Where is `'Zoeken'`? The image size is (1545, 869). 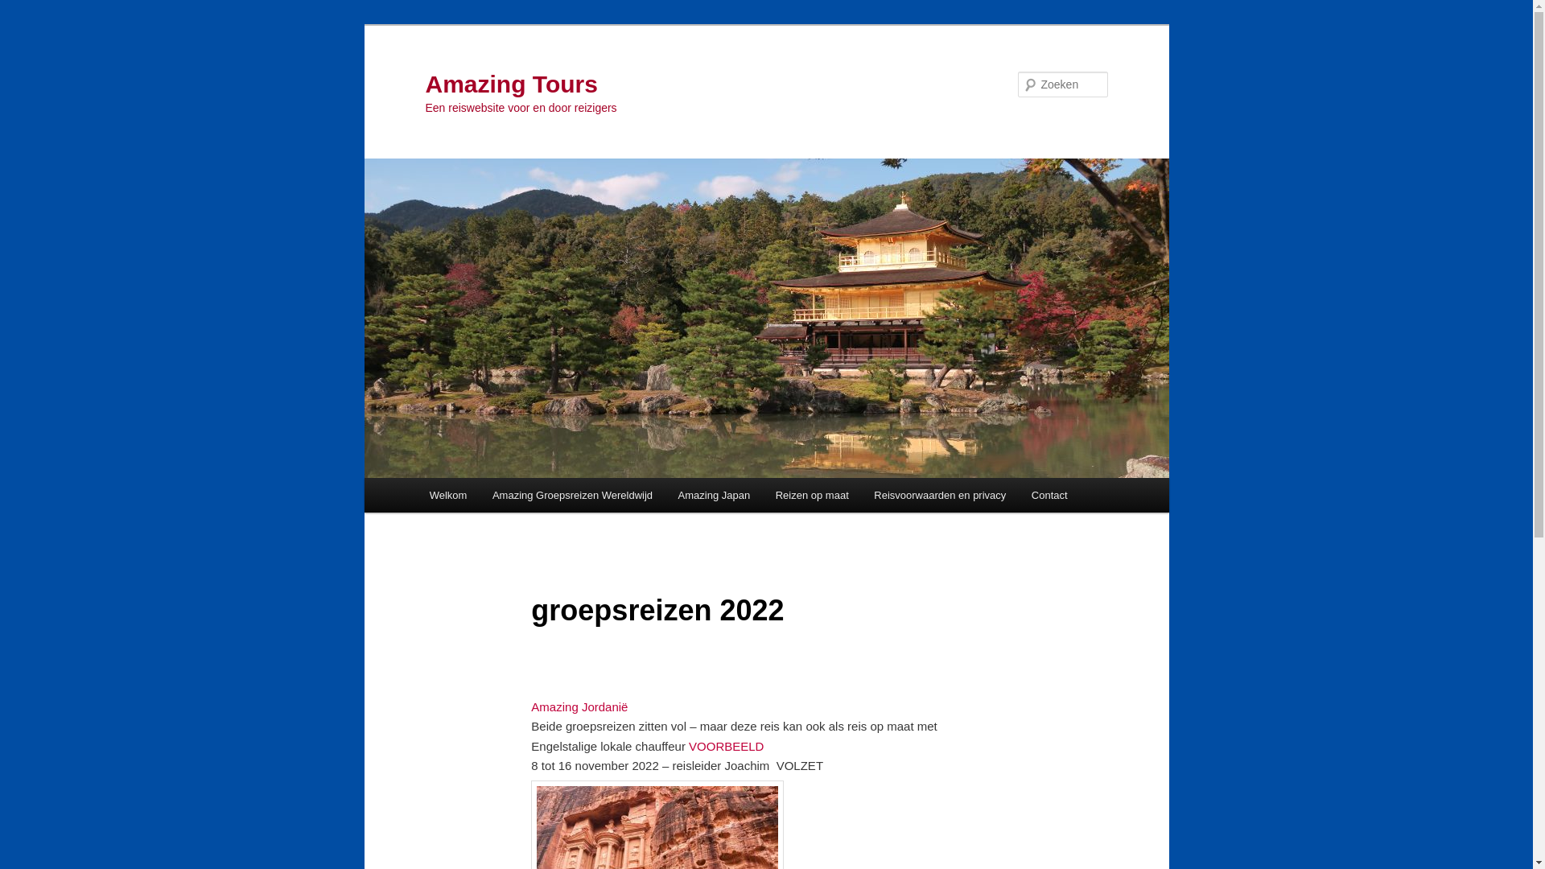 'Zoeken' is located at coordinates (27, 9).